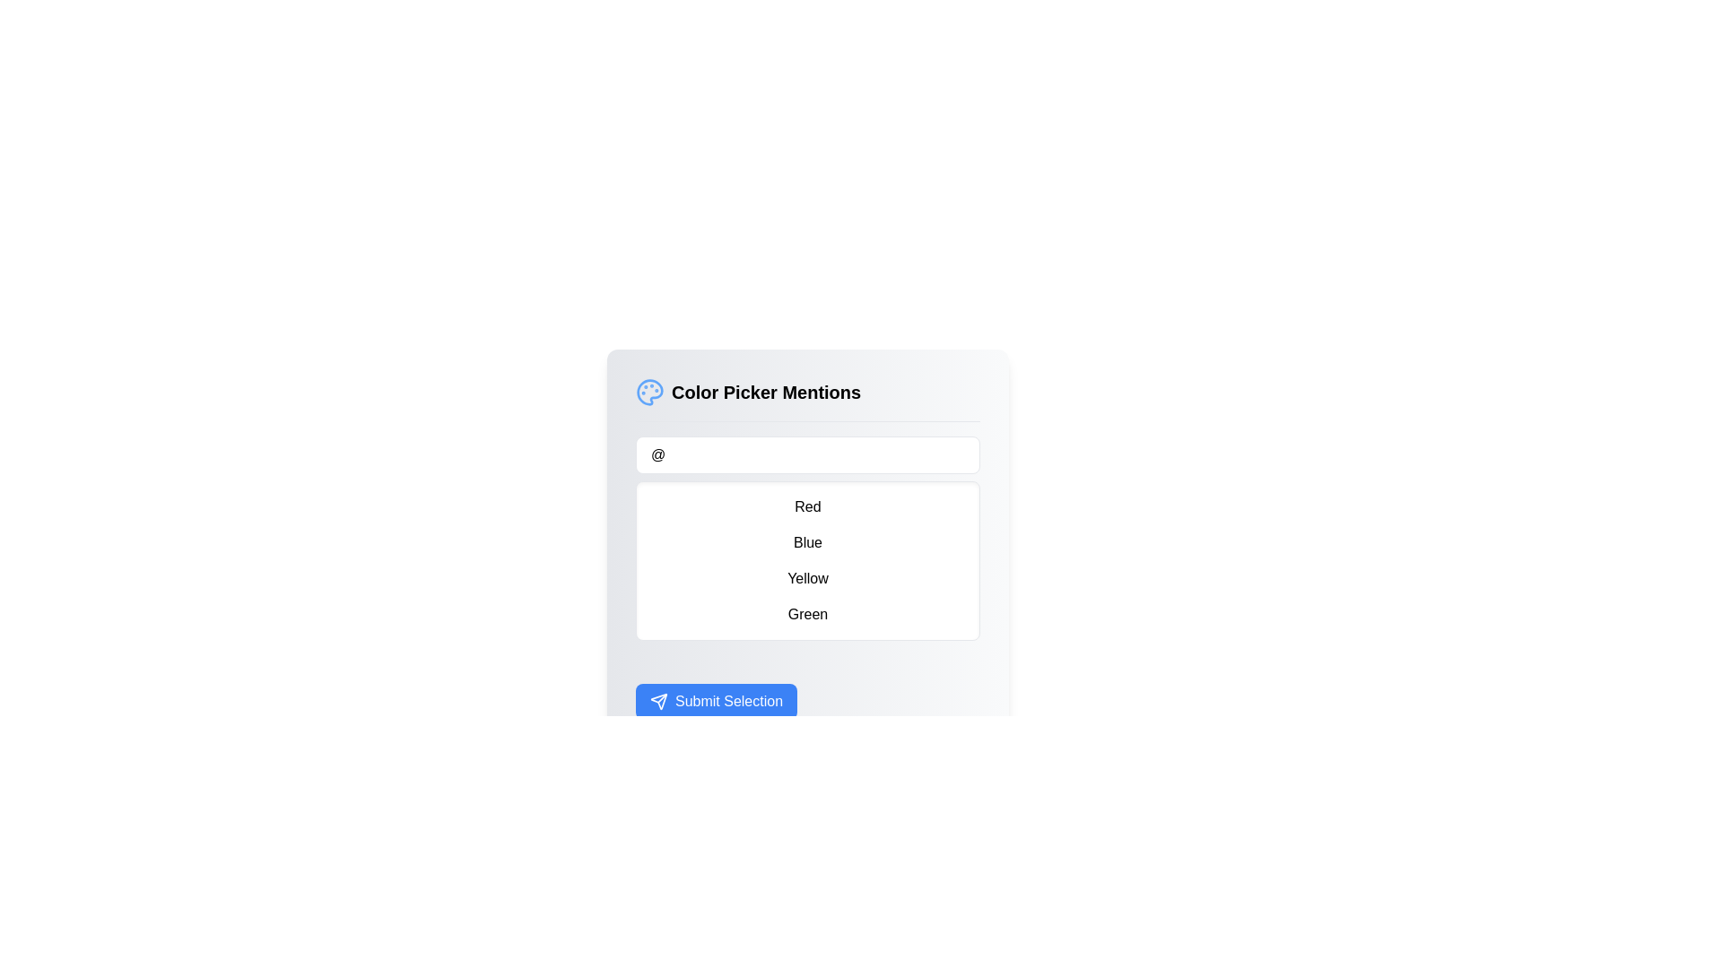  I want to click on the 'Red' color option in the color selection menu, so click(807, 507).